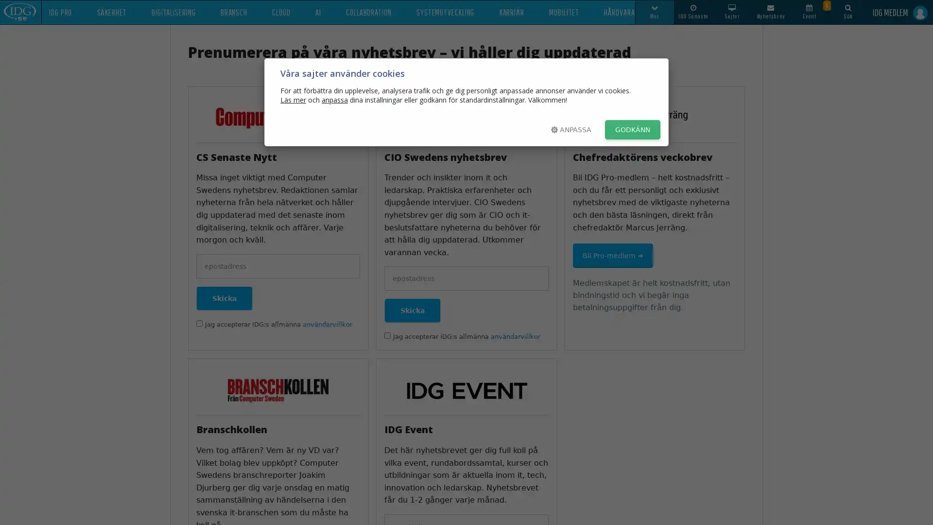  What do you see at coordinates (224, 297) in the screenshot?
I see `Skicka` at bounding box center [224, 297].